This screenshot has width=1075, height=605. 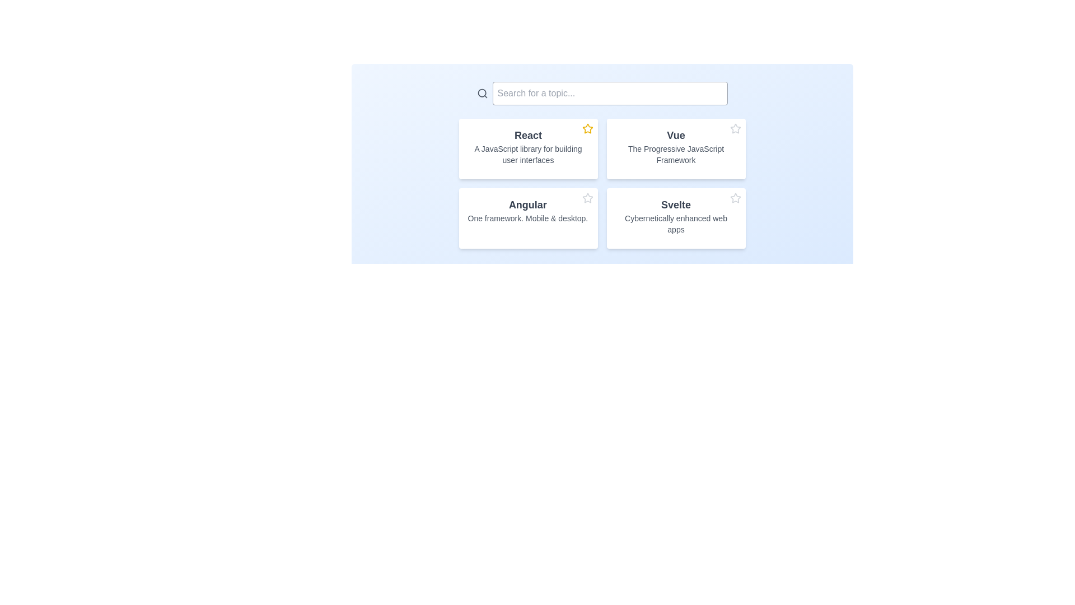 What do you see at coordinates (675, 224) in the screenshot?
I see `text component that displays 'Cybernetically enhanced web apps', which is a descriptive subtitle beneath the bold title text 'Svelte'` at bounding box center [675, 224].